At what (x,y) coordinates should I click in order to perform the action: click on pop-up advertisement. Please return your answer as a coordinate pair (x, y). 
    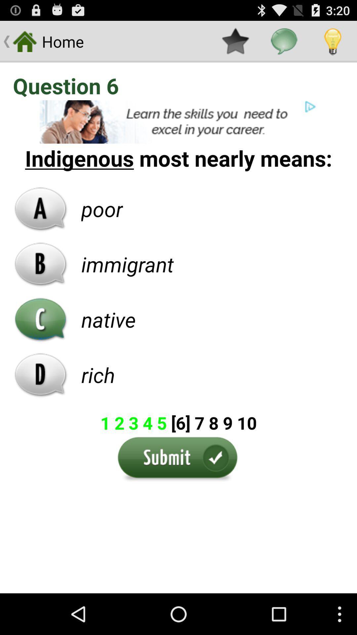
    Looking at the image, I should click on (178, 122).